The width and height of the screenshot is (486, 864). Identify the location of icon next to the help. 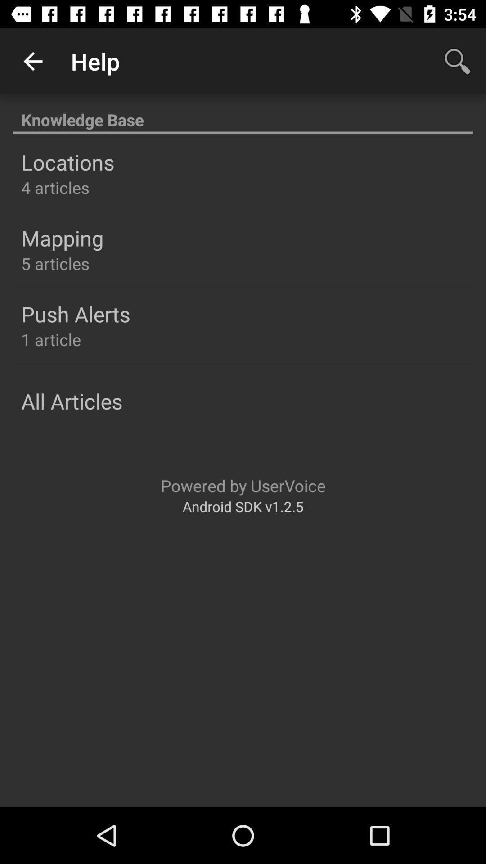
(32, 61).